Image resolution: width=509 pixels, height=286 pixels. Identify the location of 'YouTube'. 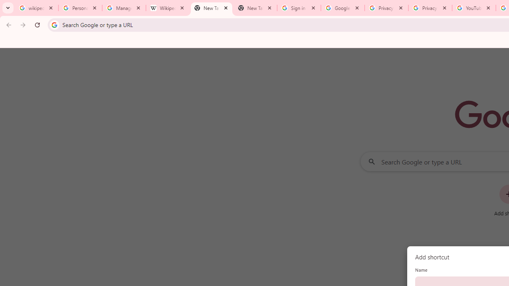
(474, 8).